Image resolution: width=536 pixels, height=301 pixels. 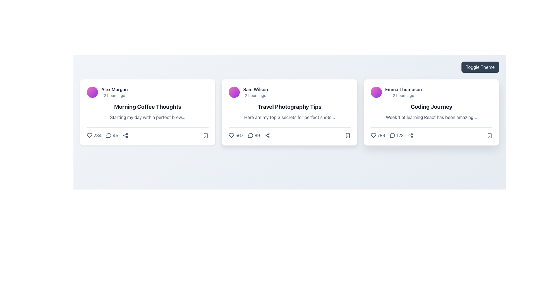 What do you see at coordinates (97, 135) in the screenshot?
I see `the numeric text displaying '234', which is styled in slate-gray color and located below the title 'Alex Morgan' to associate the number with the heart icon's meaning` at bounding box center [97, 135].